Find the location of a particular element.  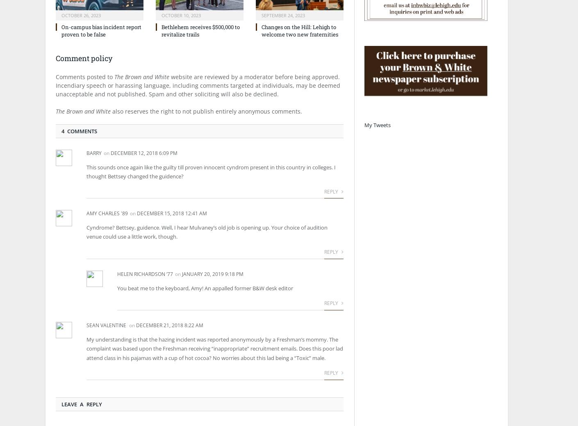

'Amy Charles '89' is located at coordinates (107, 213).